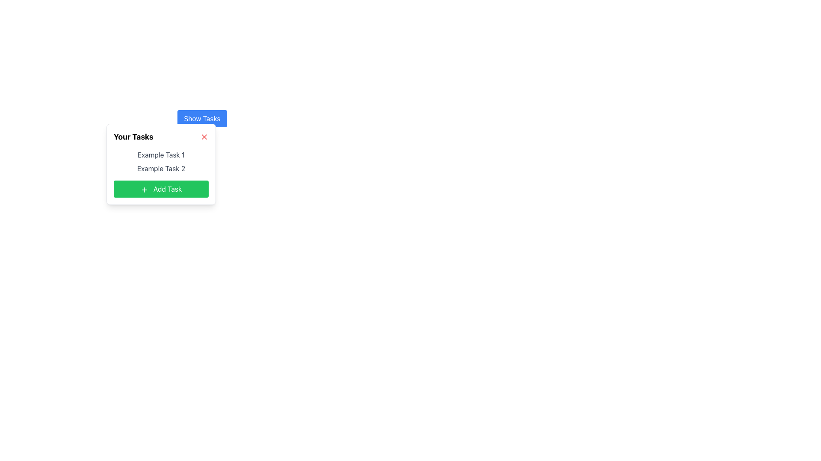  What do you see at coordinates (144, 189) in the screenshot?
I see `the '+' icon located at the top-left corner of the 'Add Task' button, which visually indicates the addition of items or tasks` at bounding box center [144, 189].